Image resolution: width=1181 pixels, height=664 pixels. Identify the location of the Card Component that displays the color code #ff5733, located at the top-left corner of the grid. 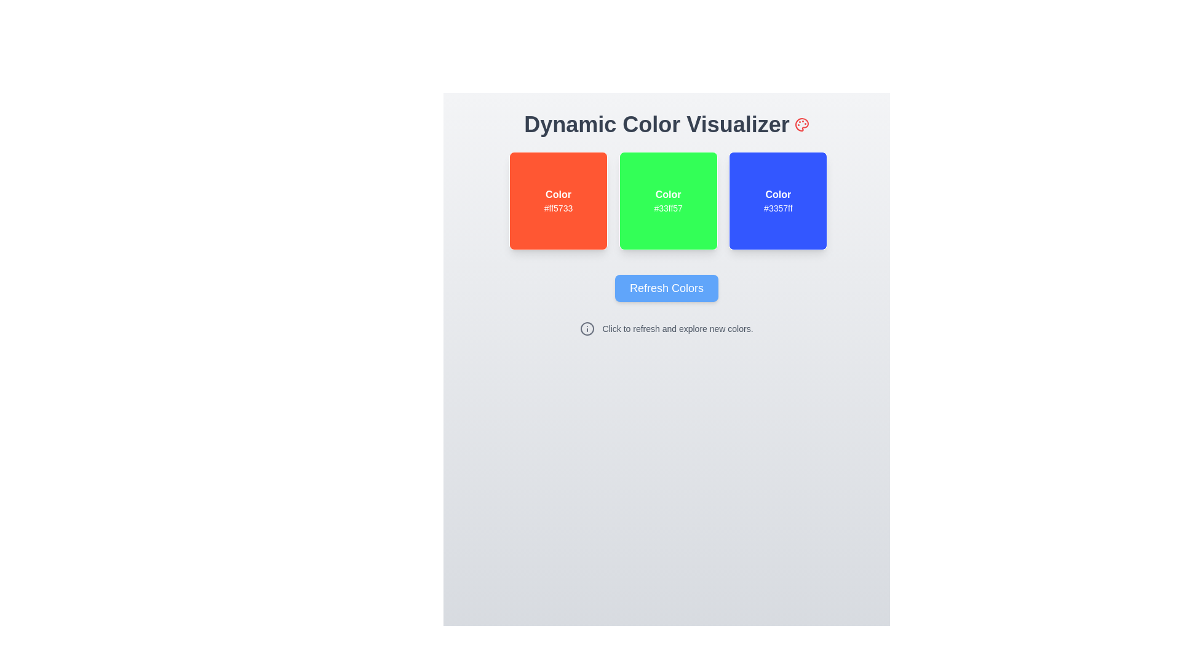
(557, 200).